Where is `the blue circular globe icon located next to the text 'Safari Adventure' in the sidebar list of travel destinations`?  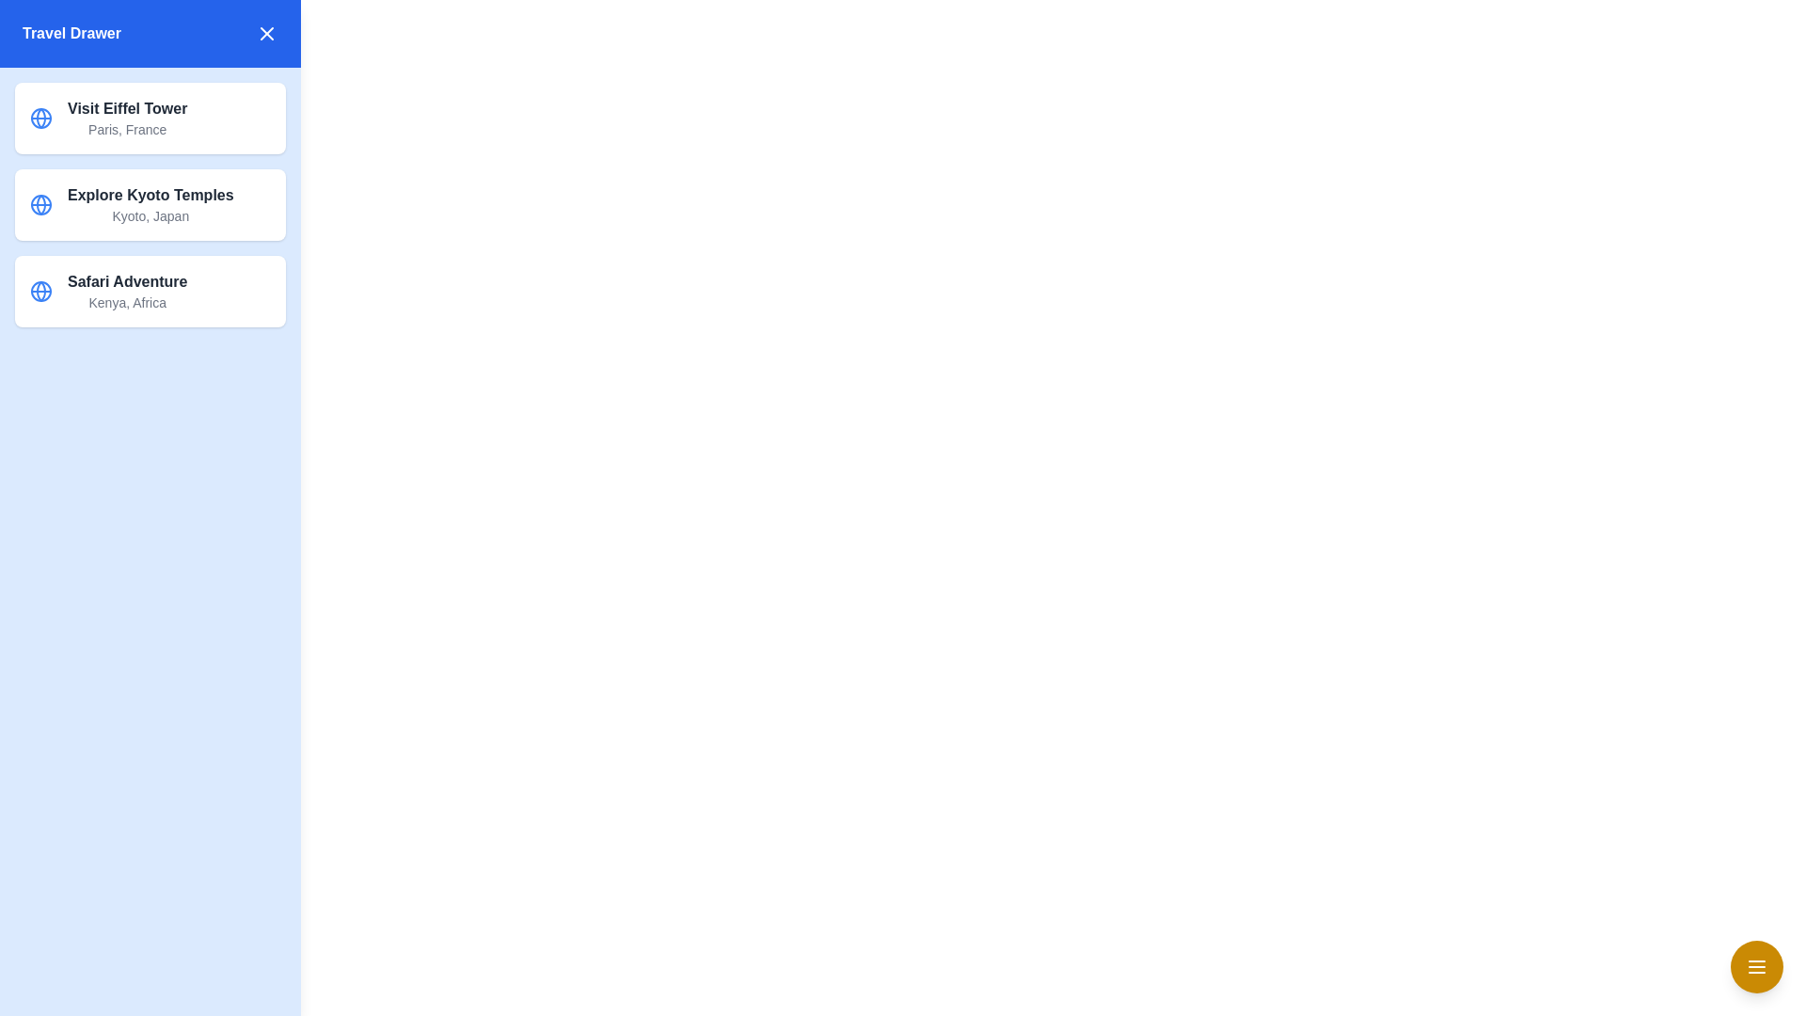
the blue circular globe icon located next to the text 'Safari Adventure' in the sidebar list of travel destinations is located at coordinates (40, 291).